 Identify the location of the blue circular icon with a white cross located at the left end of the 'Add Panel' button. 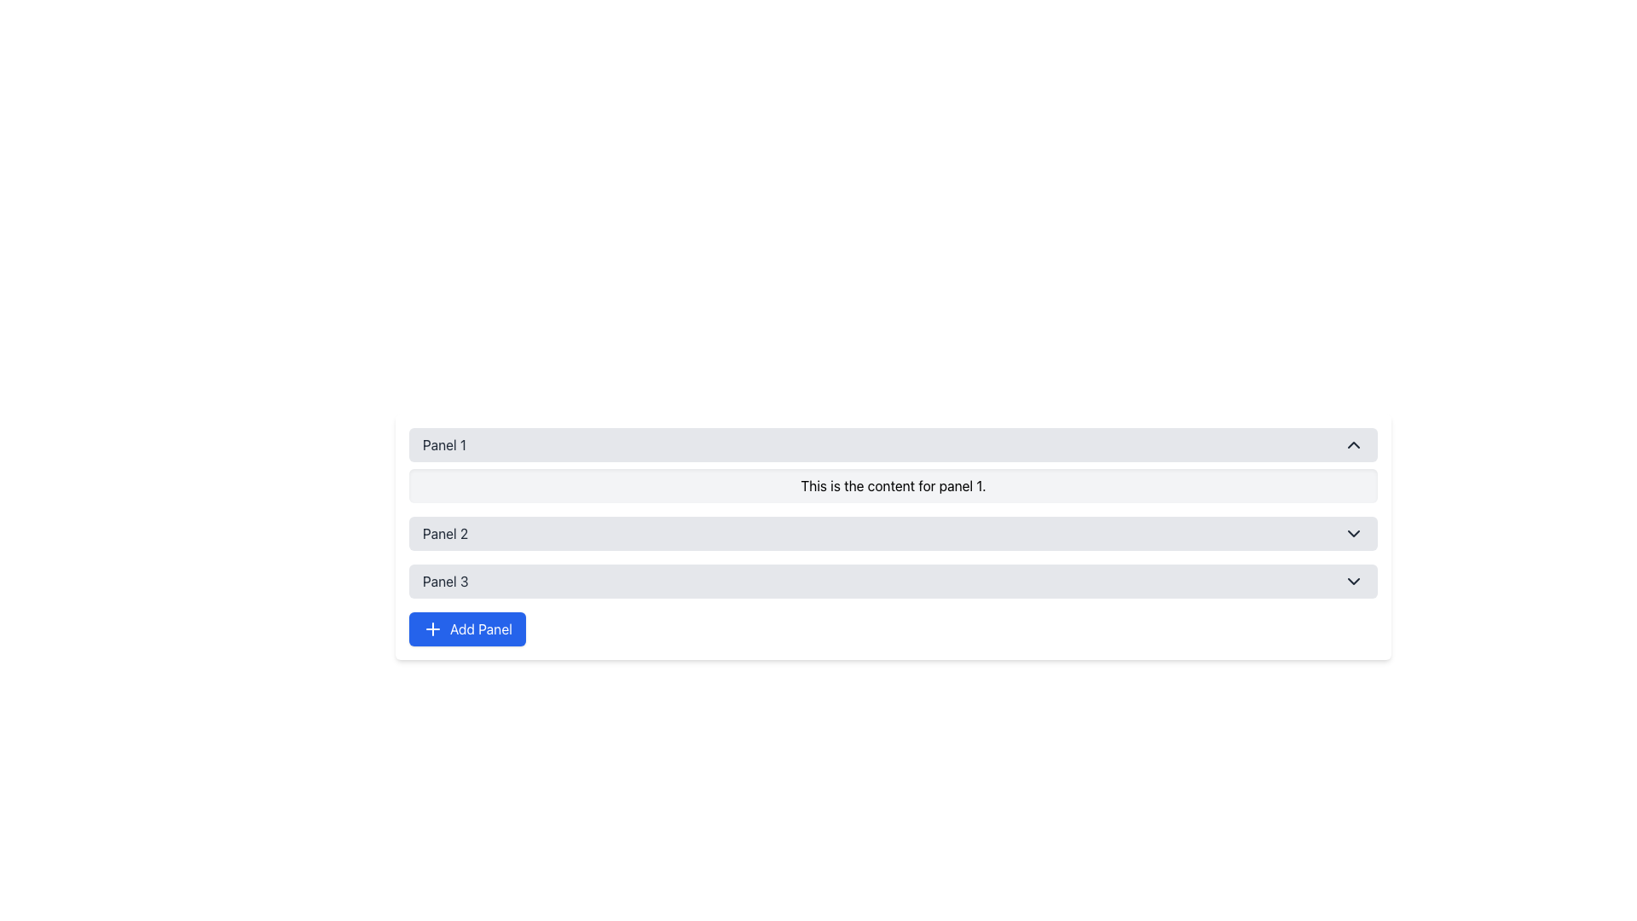
(433, 628).